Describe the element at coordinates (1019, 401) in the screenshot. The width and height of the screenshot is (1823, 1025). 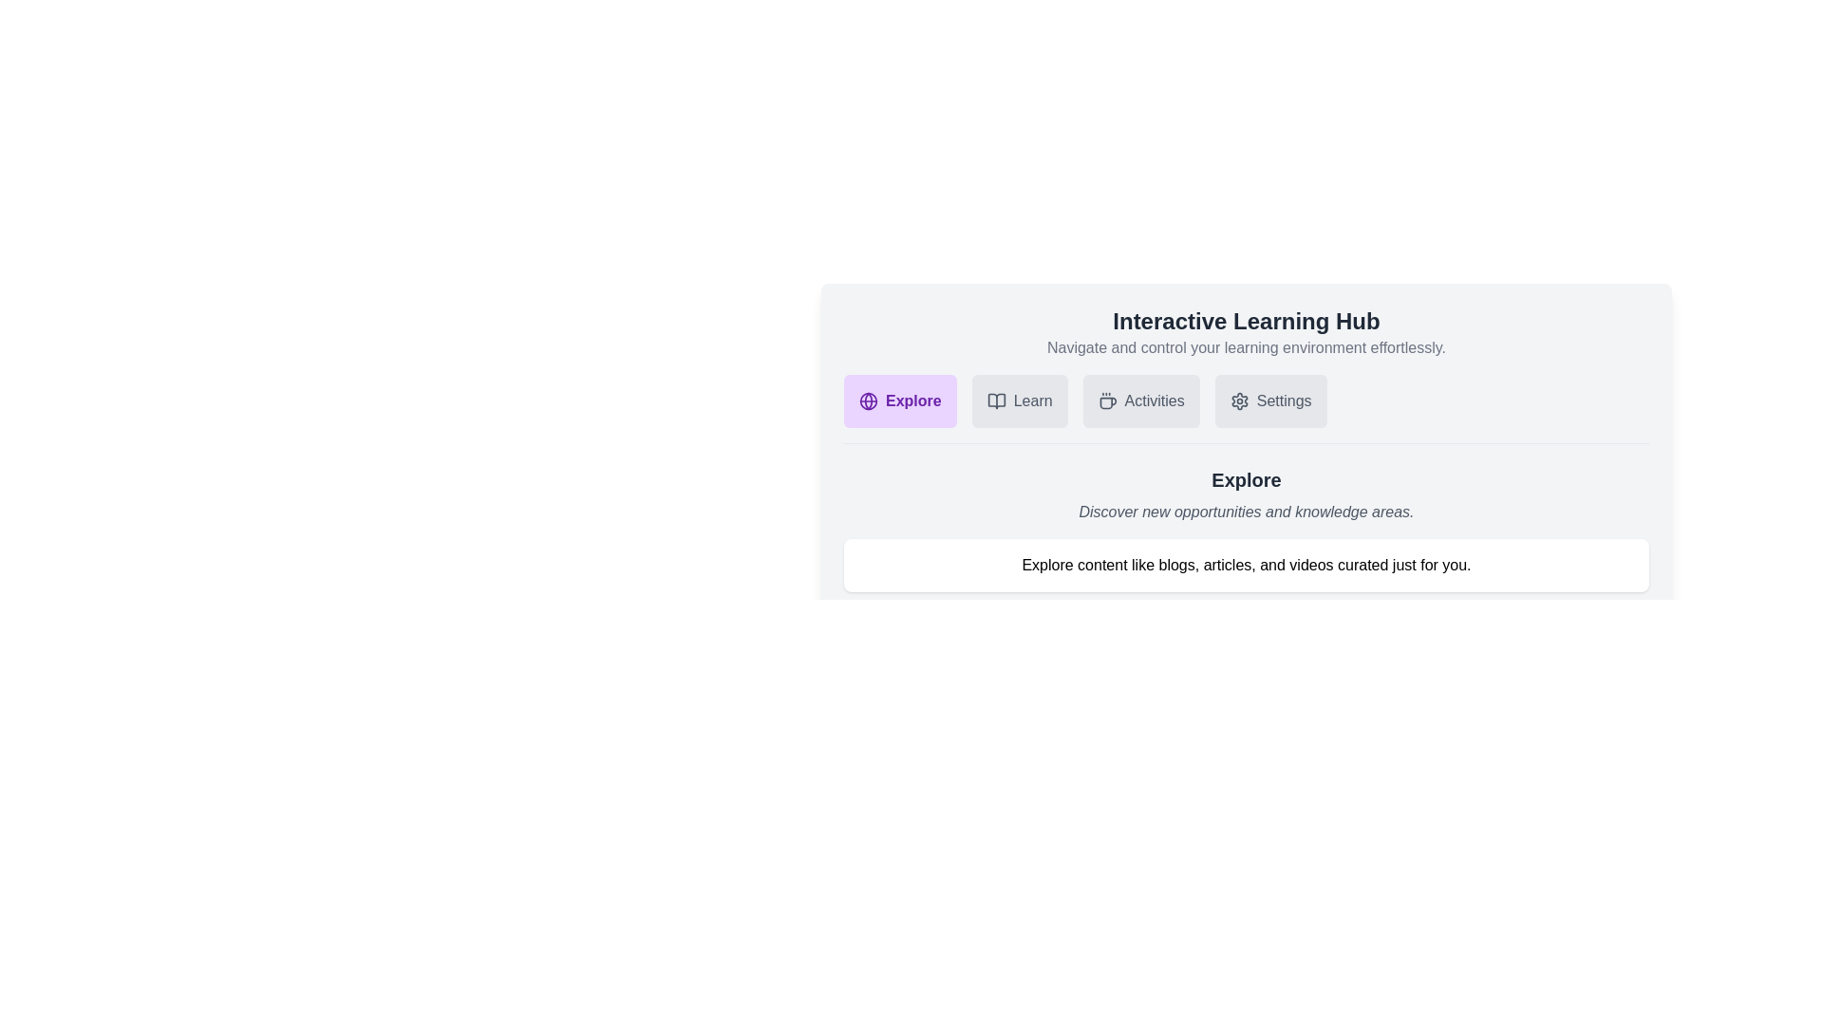
I see `the 'Learn' button, which is a rectangular button with rounded corners, light gray background, and darker gray text, located in the horizontal navigation bar between the 'Explore' and 'Activities' buttons` at that location.